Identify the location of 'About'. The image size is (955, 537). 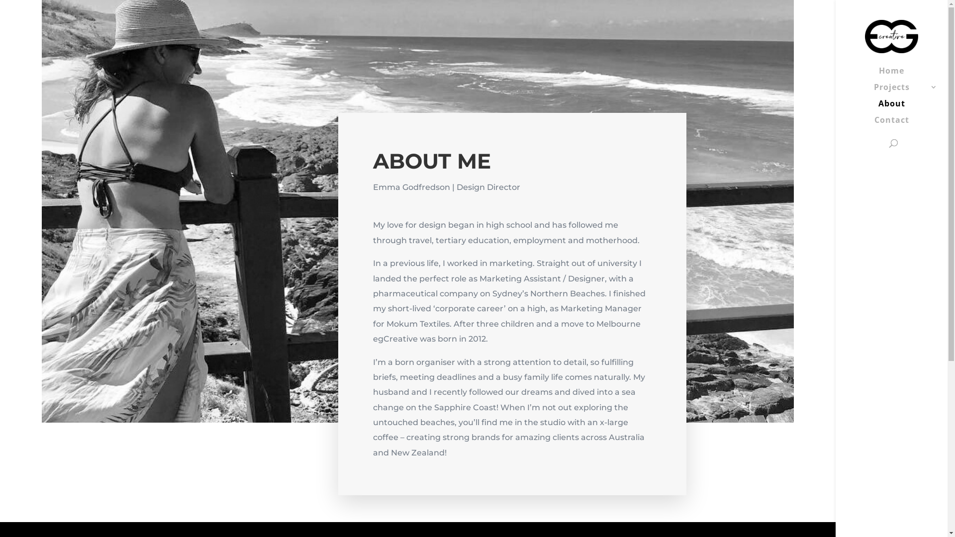
(901, 108).